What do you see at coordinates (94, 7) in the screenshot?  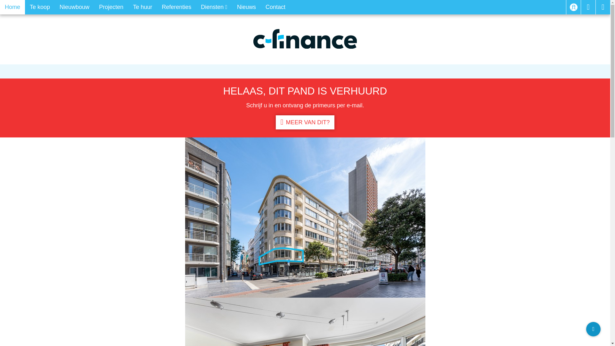 I see `'Projecten'` at bounding box center [94, 7].